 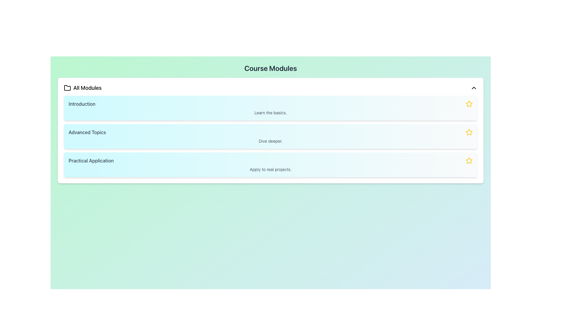 What do you see at coordinates (270, 165) in the screenshot?
I see `the 'Practical Application' module card, which is the third card in the list of course modules, located between the 'Advanced Topics' card and the content below` at bounding box center [270, 165].